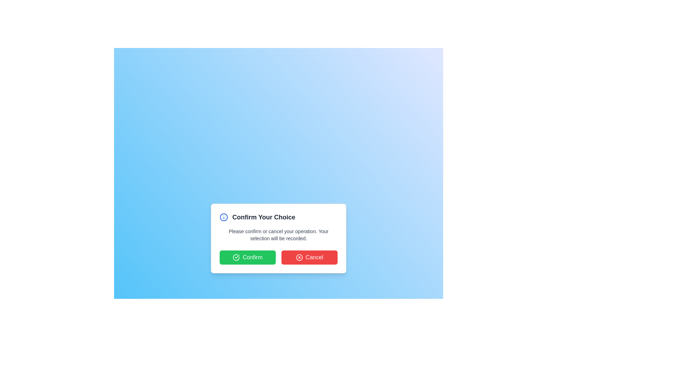 This screenshot has width=678, height=381. What do you see at coordinates (223, 217) in the screenshot?
I see `the informational icon located to the left of the header text 'Confirm Your Choice' in the modal dialog box to access more details` at bounding box center [223, 217].